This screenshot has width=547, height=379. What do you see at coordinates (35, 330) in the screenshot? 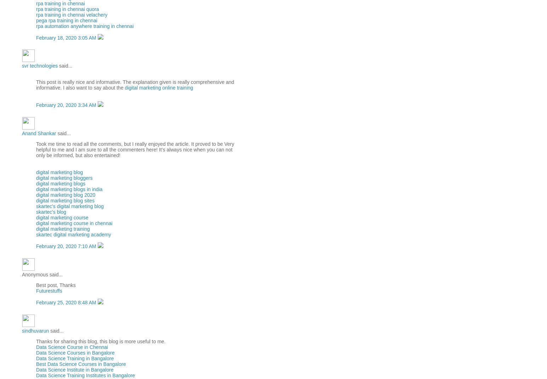
I see `'sindhuvarun'` at bounding box center [35, 330].